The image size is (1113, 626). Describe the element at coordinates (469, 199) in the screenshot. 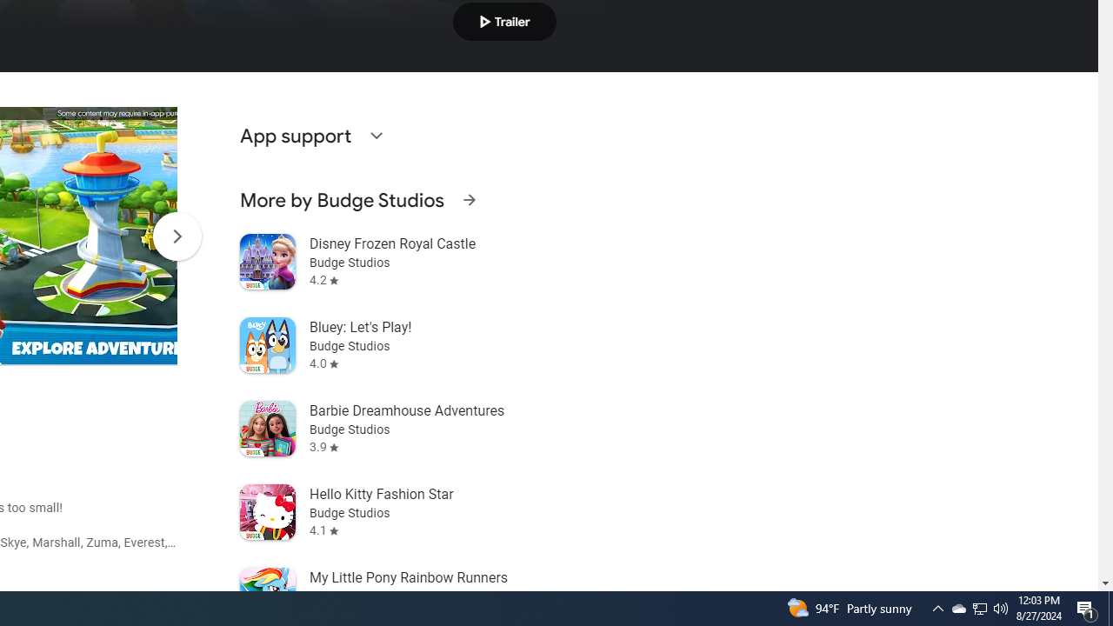

I see `'See more information on More by Budge Studios'` at that location.